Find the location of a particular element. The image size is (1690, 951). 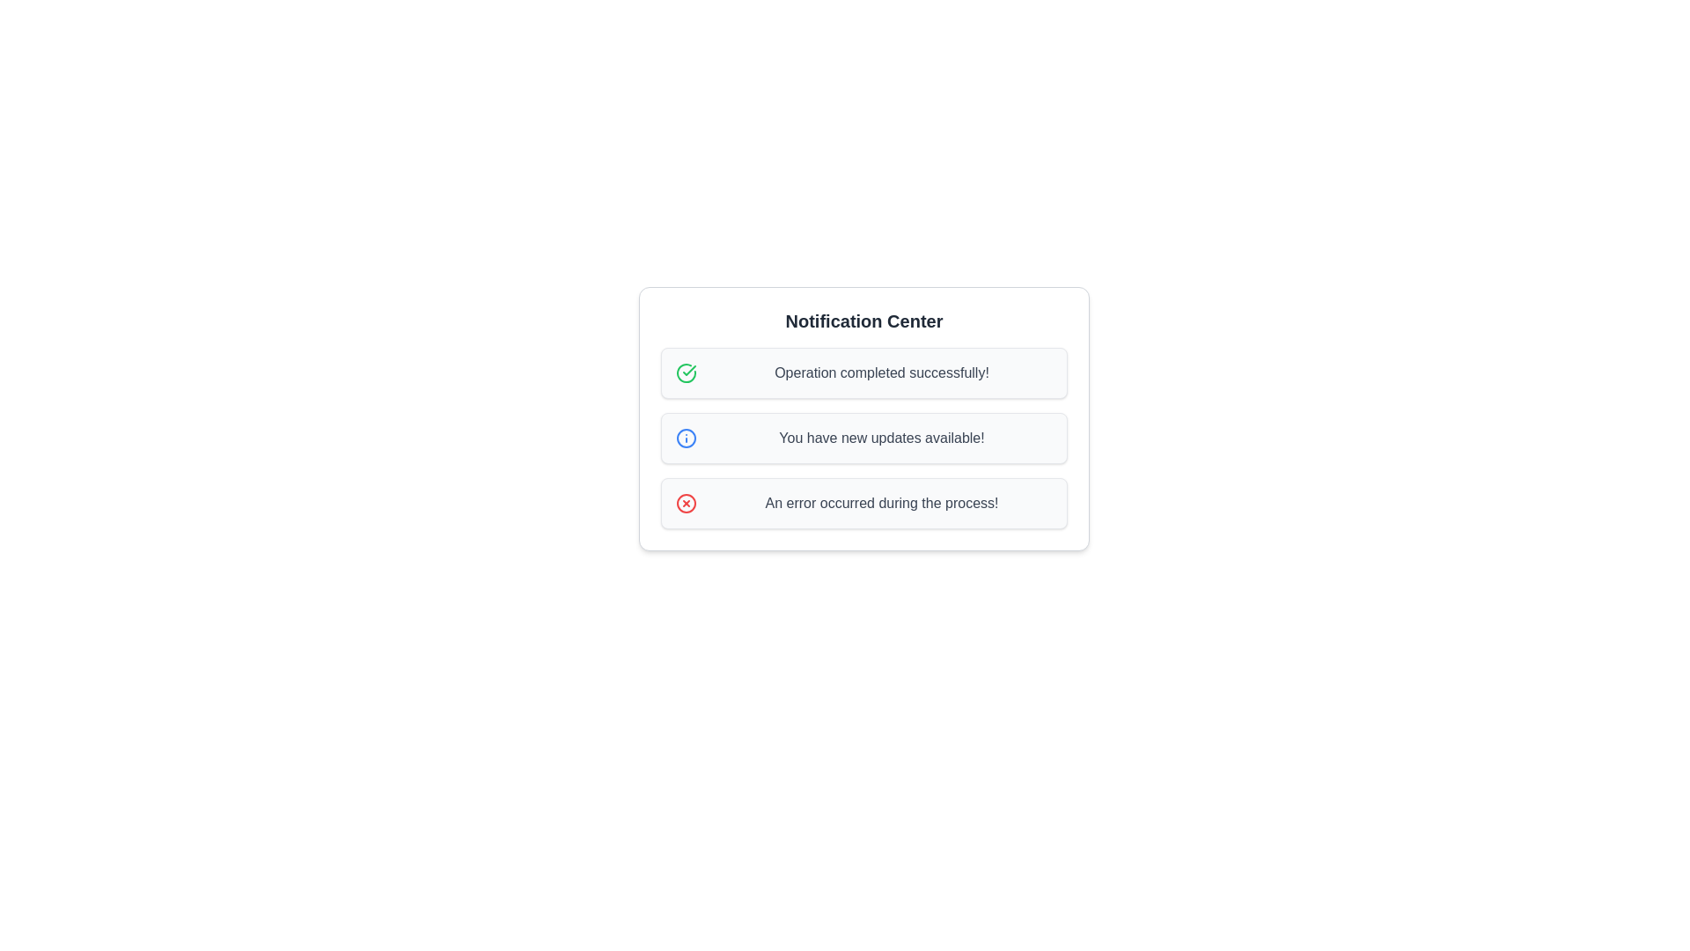

the error icon located at the leftmost part of the bottom row in the notification box is located at coordinates (685, 503).